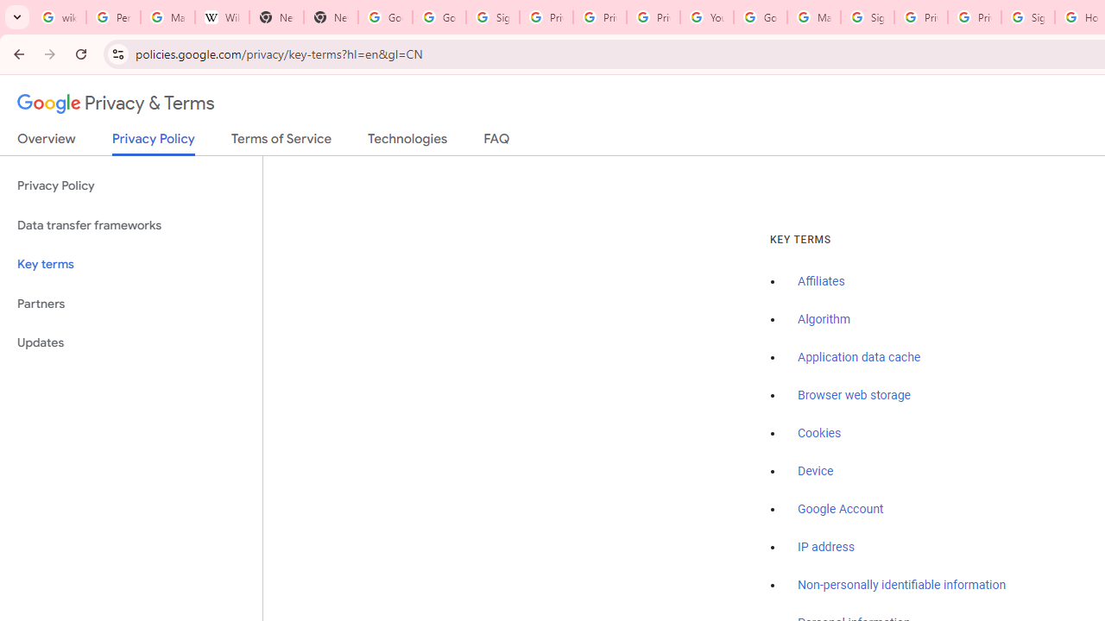  I want to click on 'Google Account', so click(841, 508).